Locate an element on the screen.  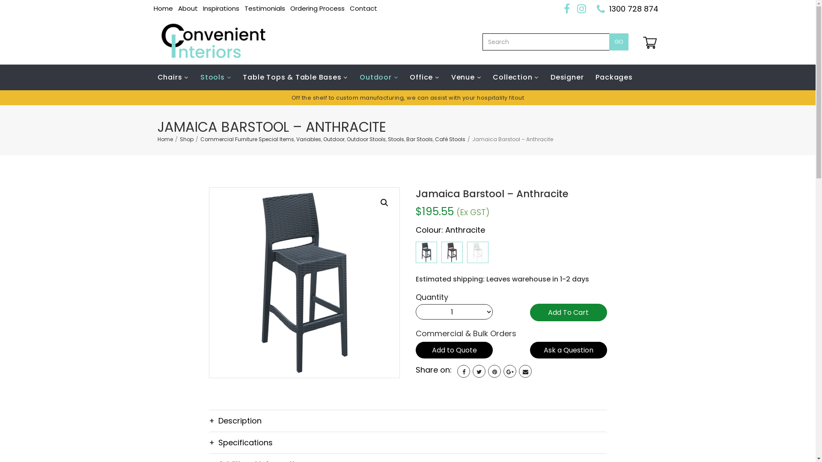
'Home' is located at coordinates (163, 8).